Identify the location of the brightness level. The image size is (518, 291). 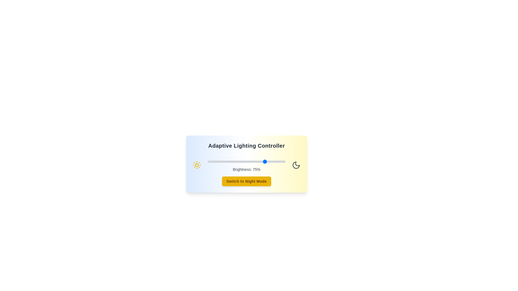
(271, 161).